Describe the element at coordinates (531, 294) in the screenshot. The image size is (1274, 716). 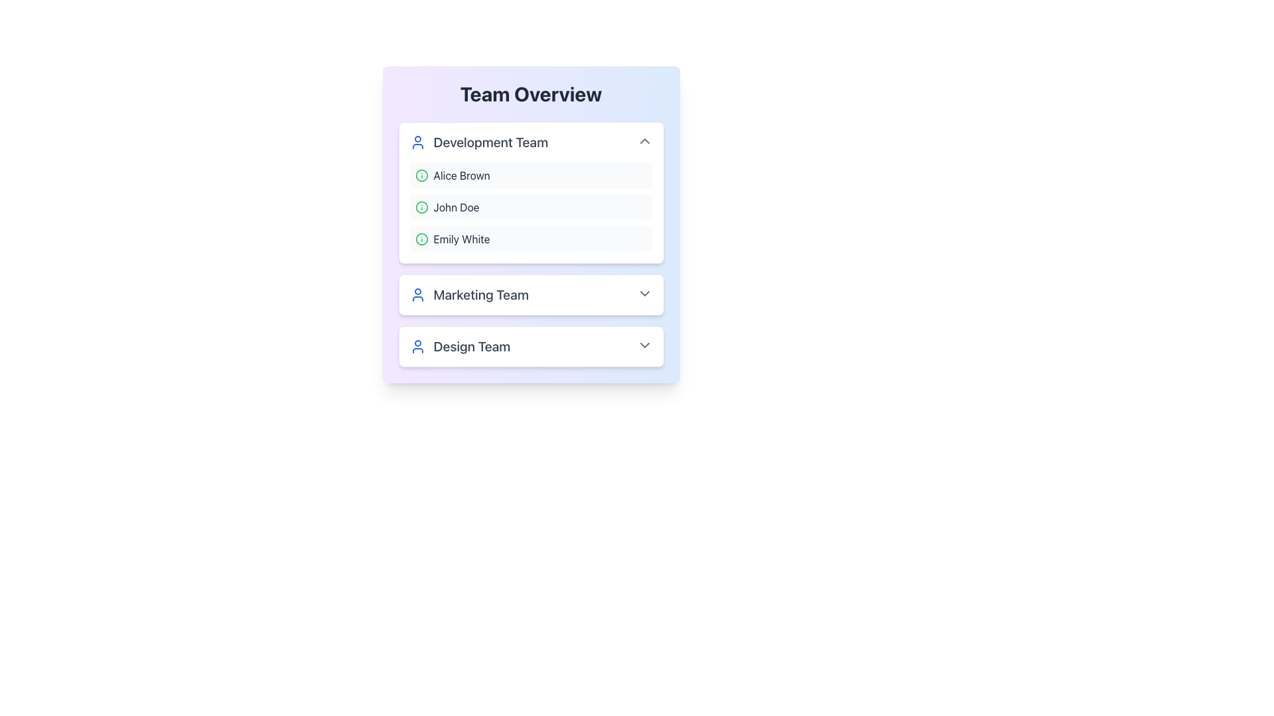
I see `the 'Marketing Team' interactive list item` at that location.